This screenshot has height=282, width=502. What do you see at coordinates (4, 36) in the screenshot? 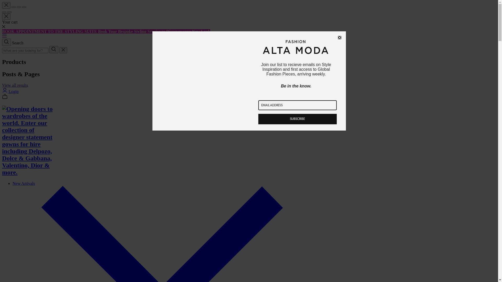
I see `'Menu Icon'` at bounding box center [4, 36].